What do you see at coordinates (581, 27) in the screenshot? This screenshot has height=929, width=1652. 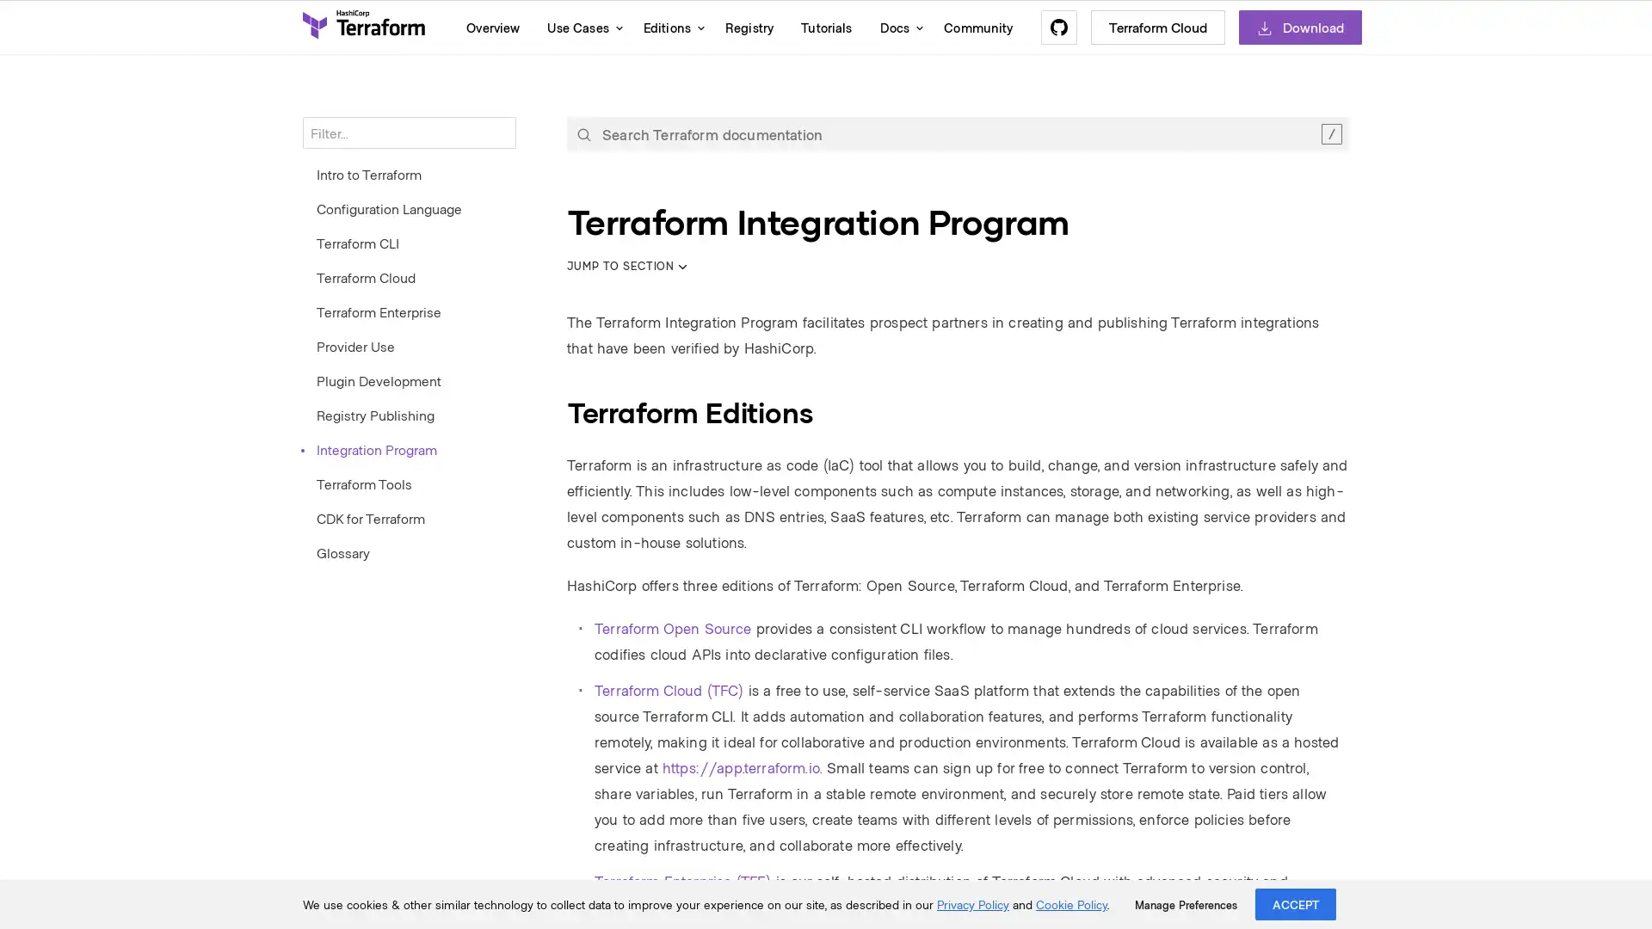 I see `Use Cases` at bounding box center [581, 27].